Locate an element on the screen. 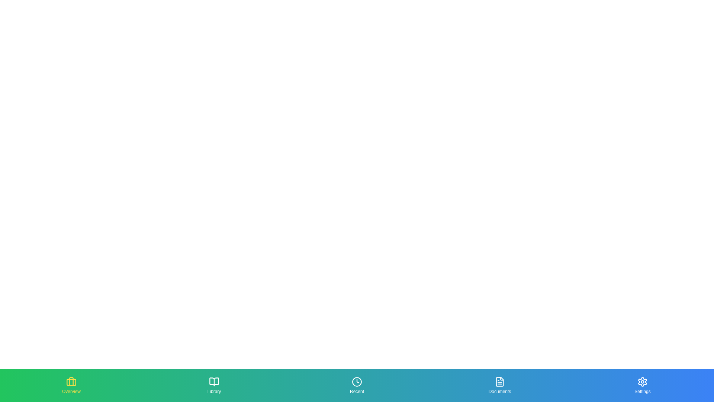 This screenshot has height=402, width=714. the button corresponding to the Documents section is located at coordinates (500, 385).